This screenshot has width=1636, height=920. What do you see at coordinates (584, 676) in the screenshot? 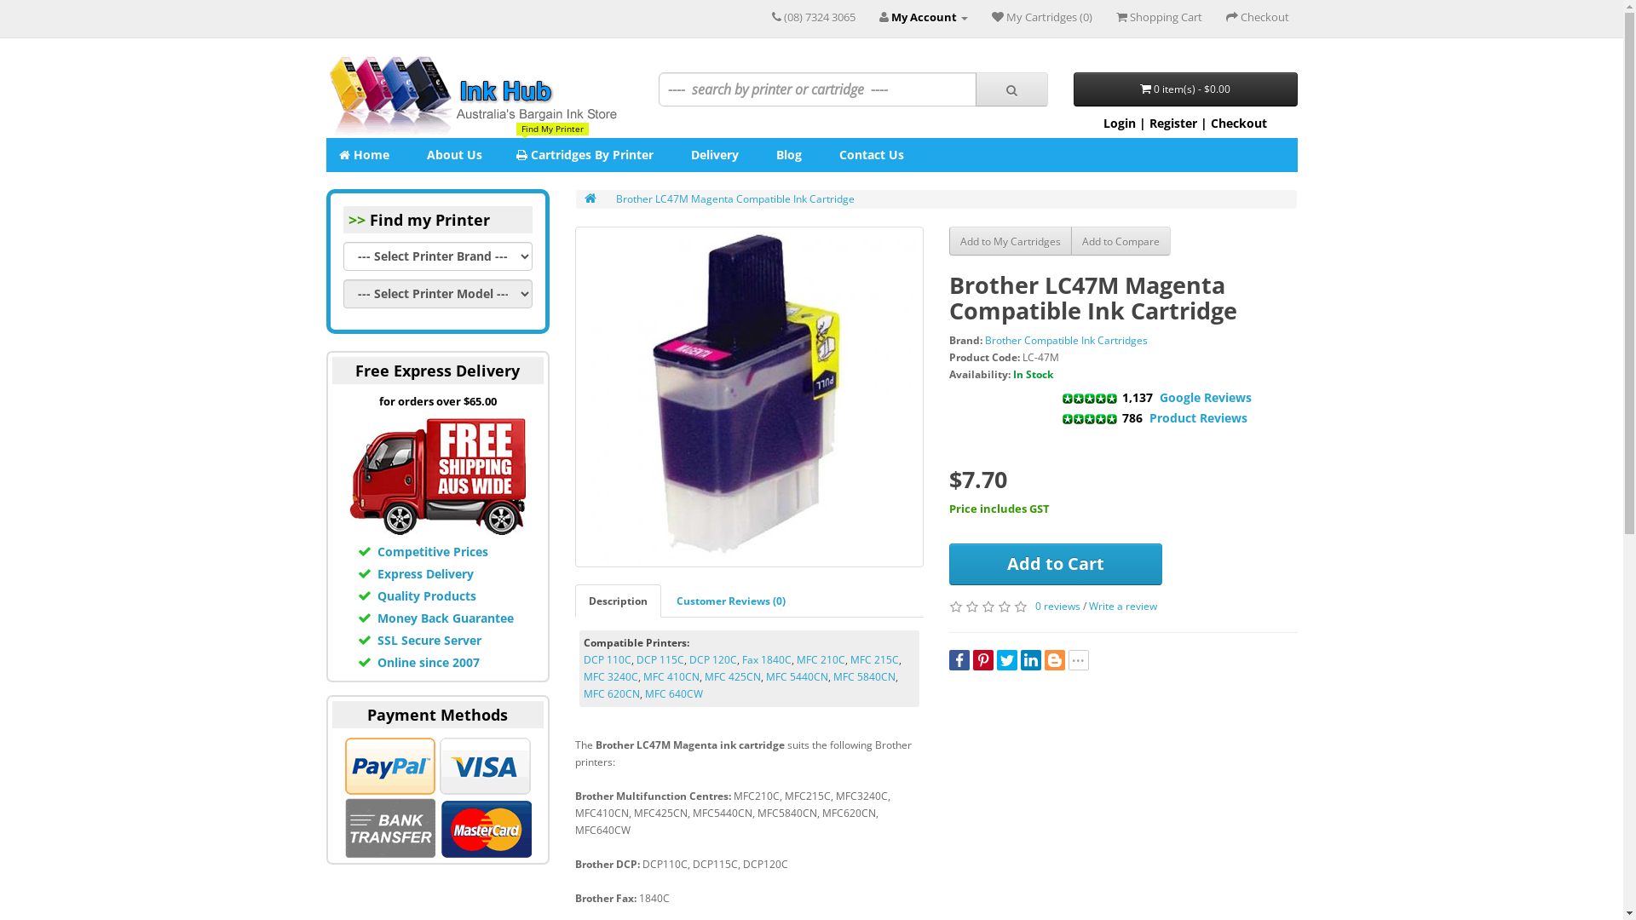
I see `'MFC 3240C'` at bounding box center [584, 676].